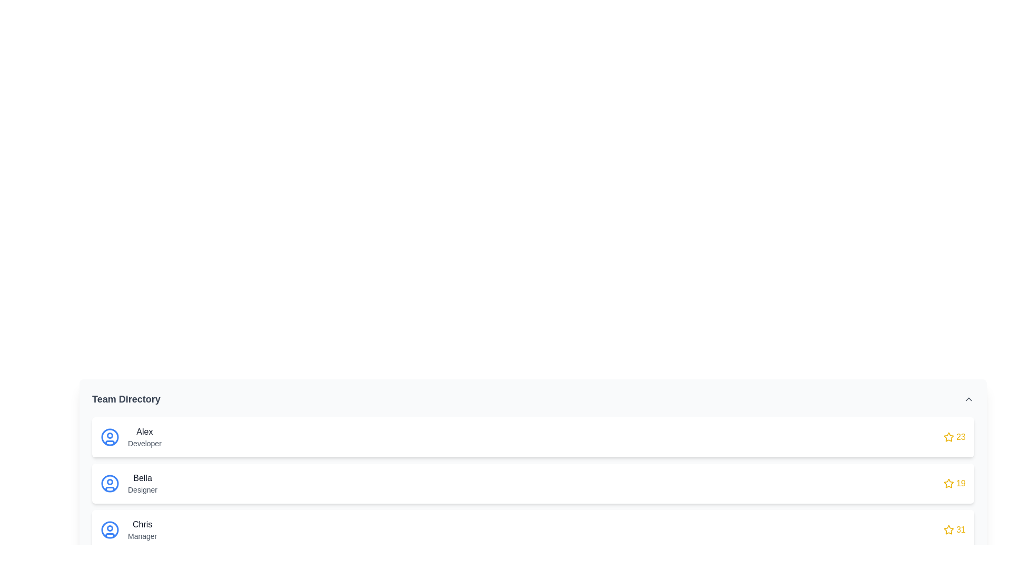  What do you see at coordinates (110, 437) in the screenshot?
I see `the user indicator icon representing 'Alex' in the Team Directory, which is the leftmost element in the corresponding row` at bounding box center [110, 437].